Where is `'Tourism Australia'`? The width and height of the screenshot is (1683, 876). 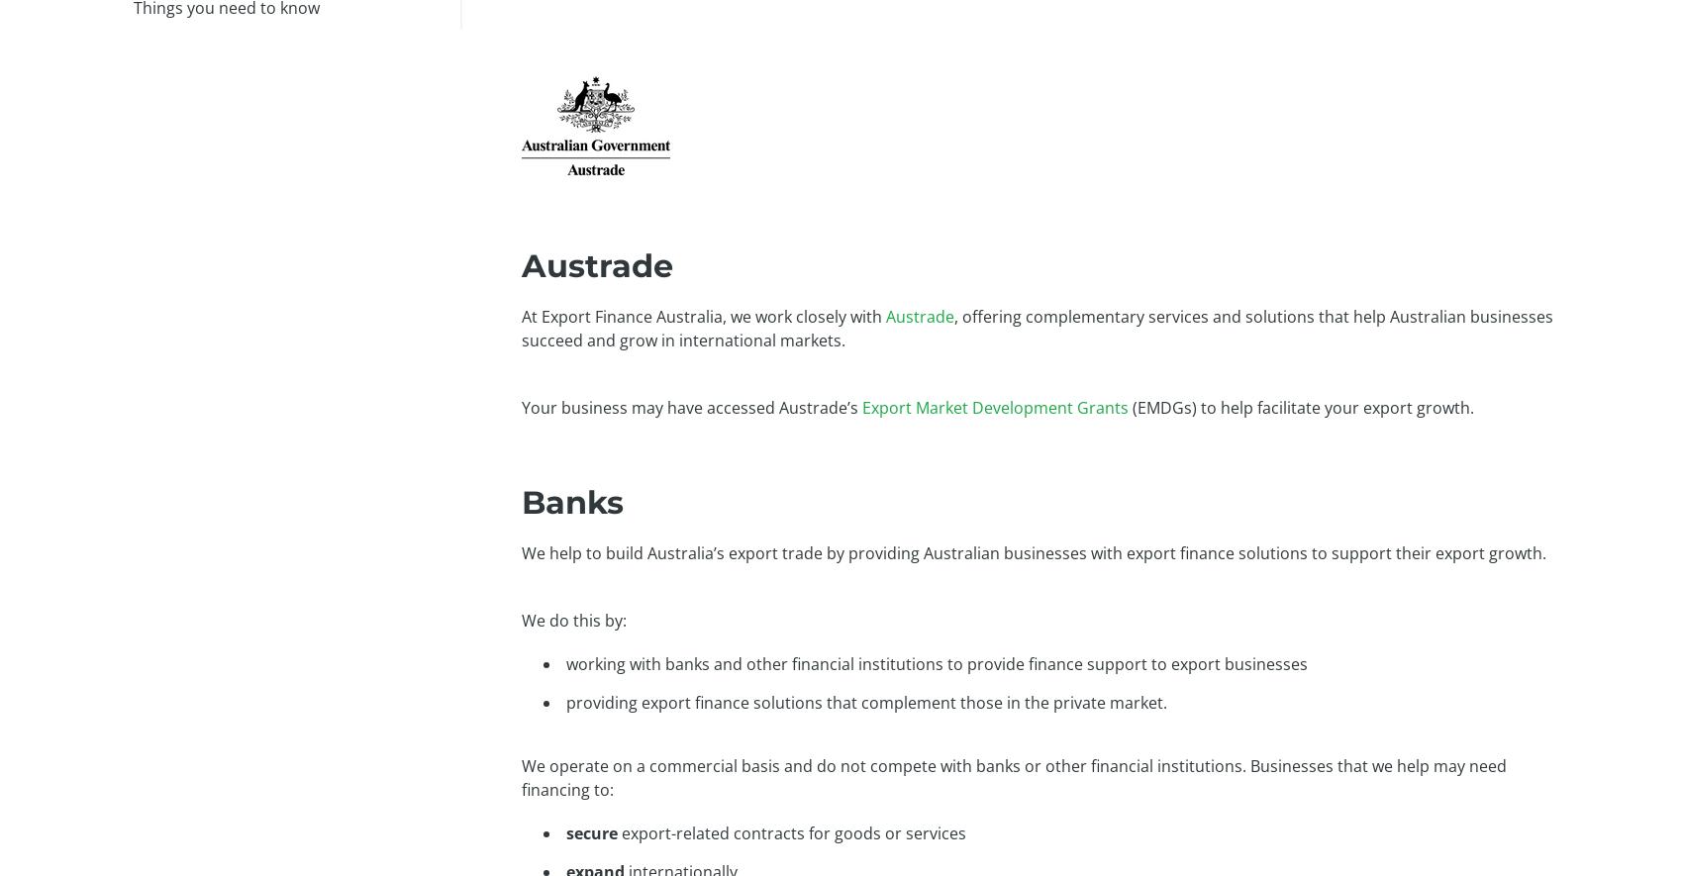 'Tourism Australia' is located at coordinates (1052, 194).